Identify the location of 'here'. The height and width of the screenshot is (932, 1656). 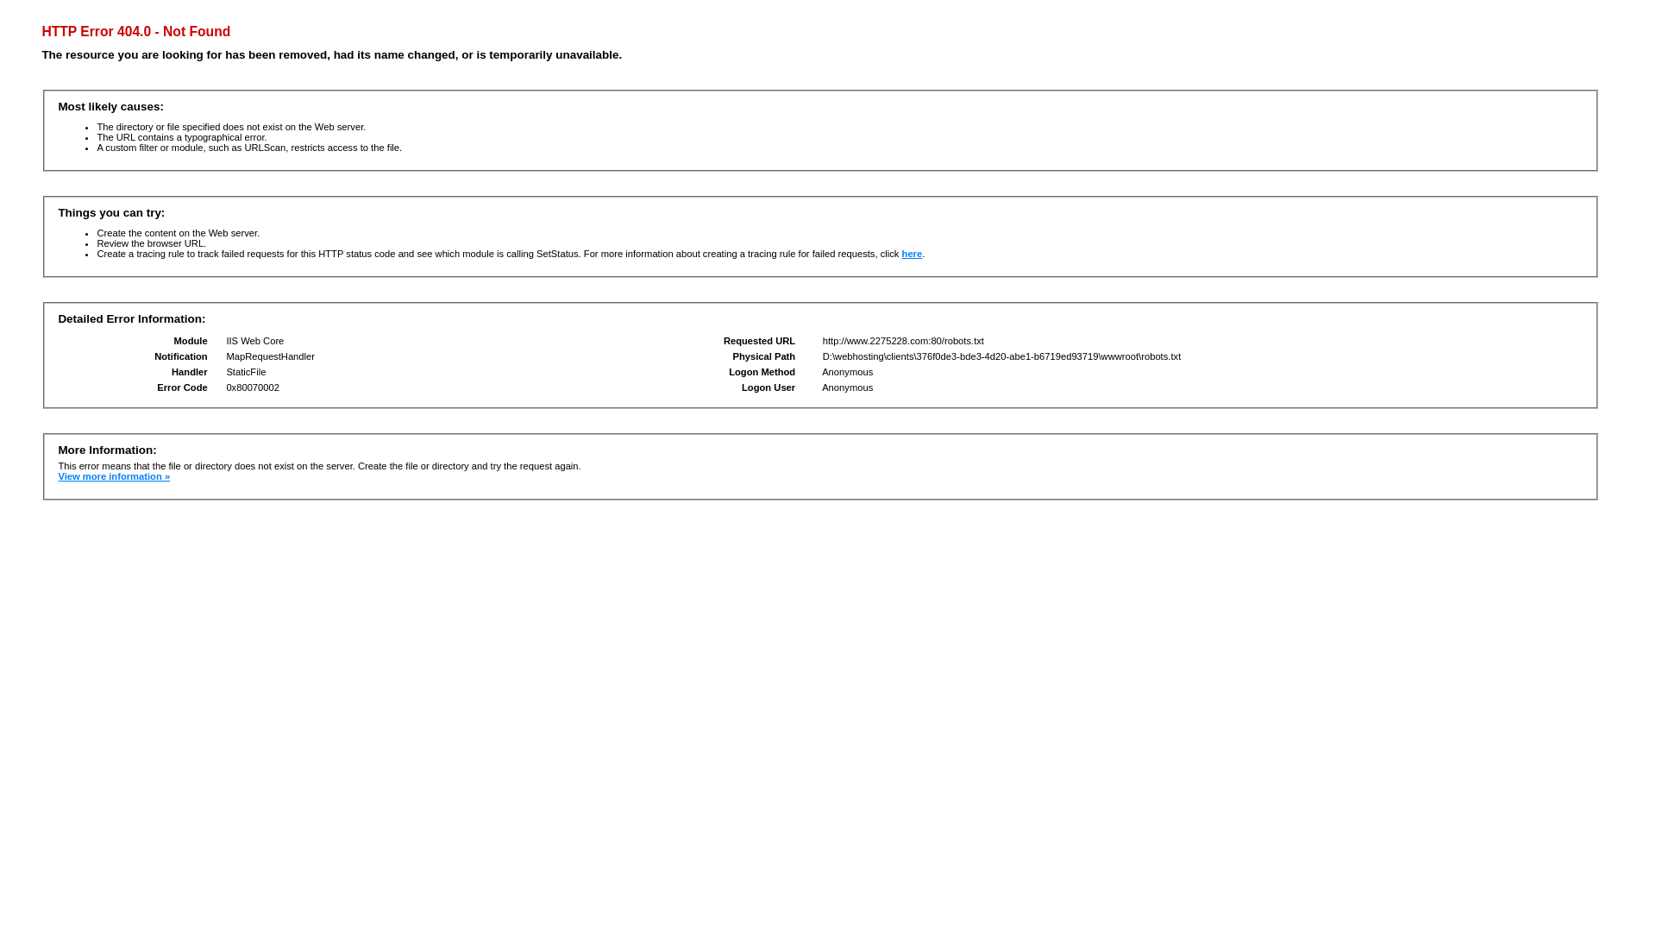
(901, 253).